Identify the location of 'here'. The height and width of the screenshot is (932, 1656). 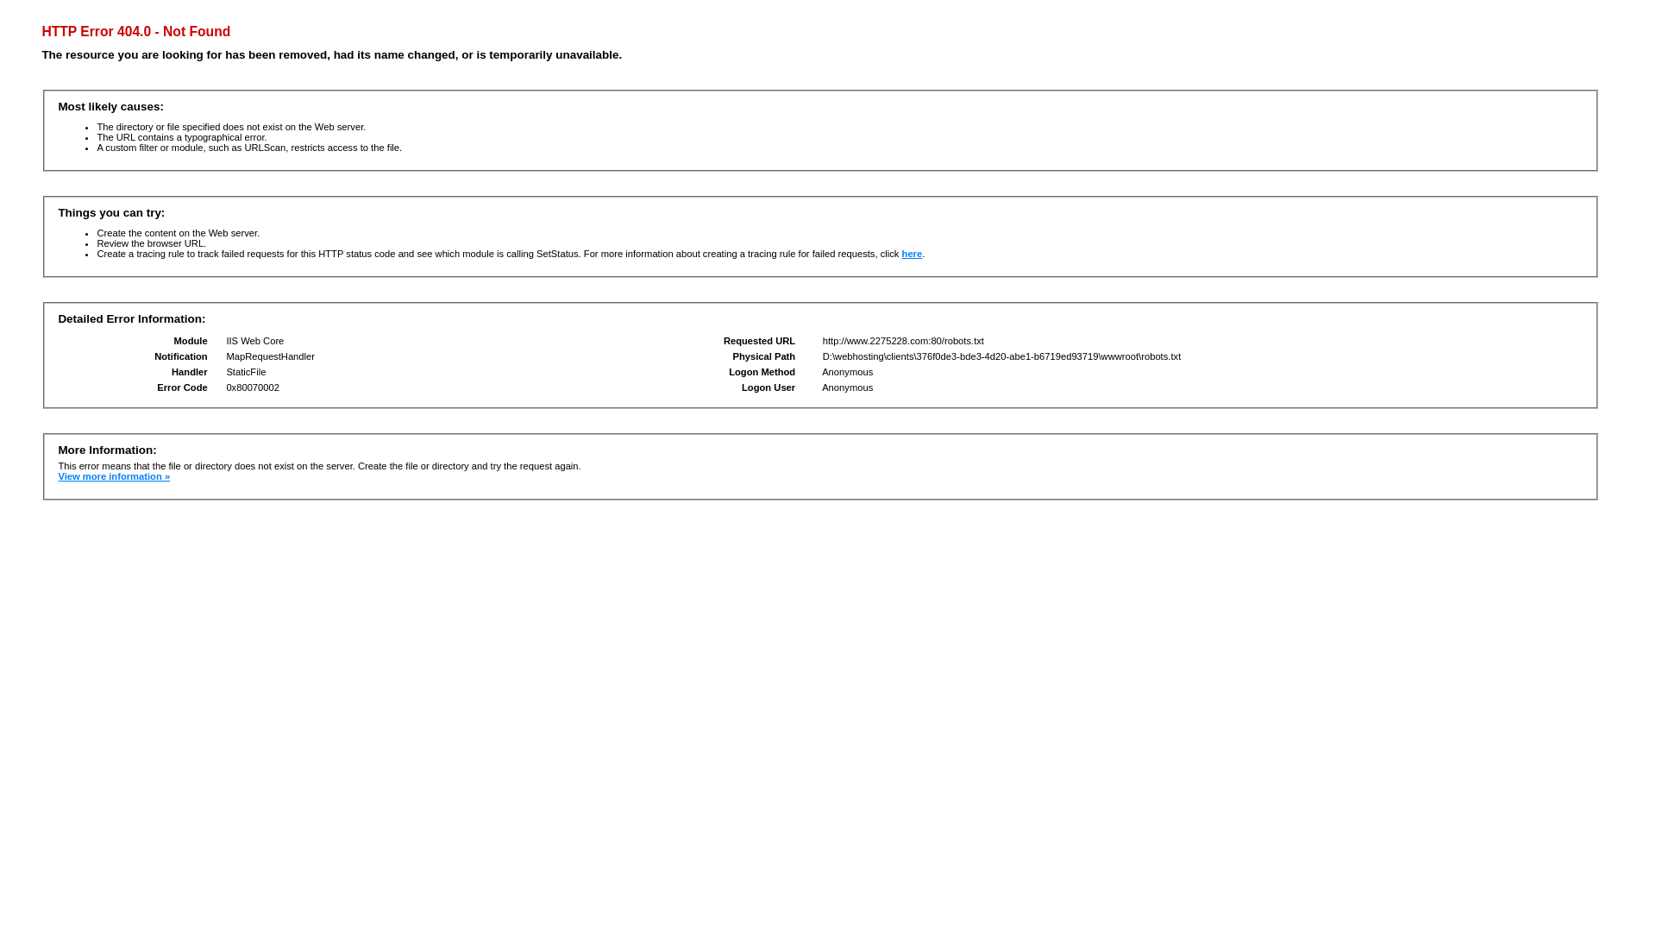
(901, 253).